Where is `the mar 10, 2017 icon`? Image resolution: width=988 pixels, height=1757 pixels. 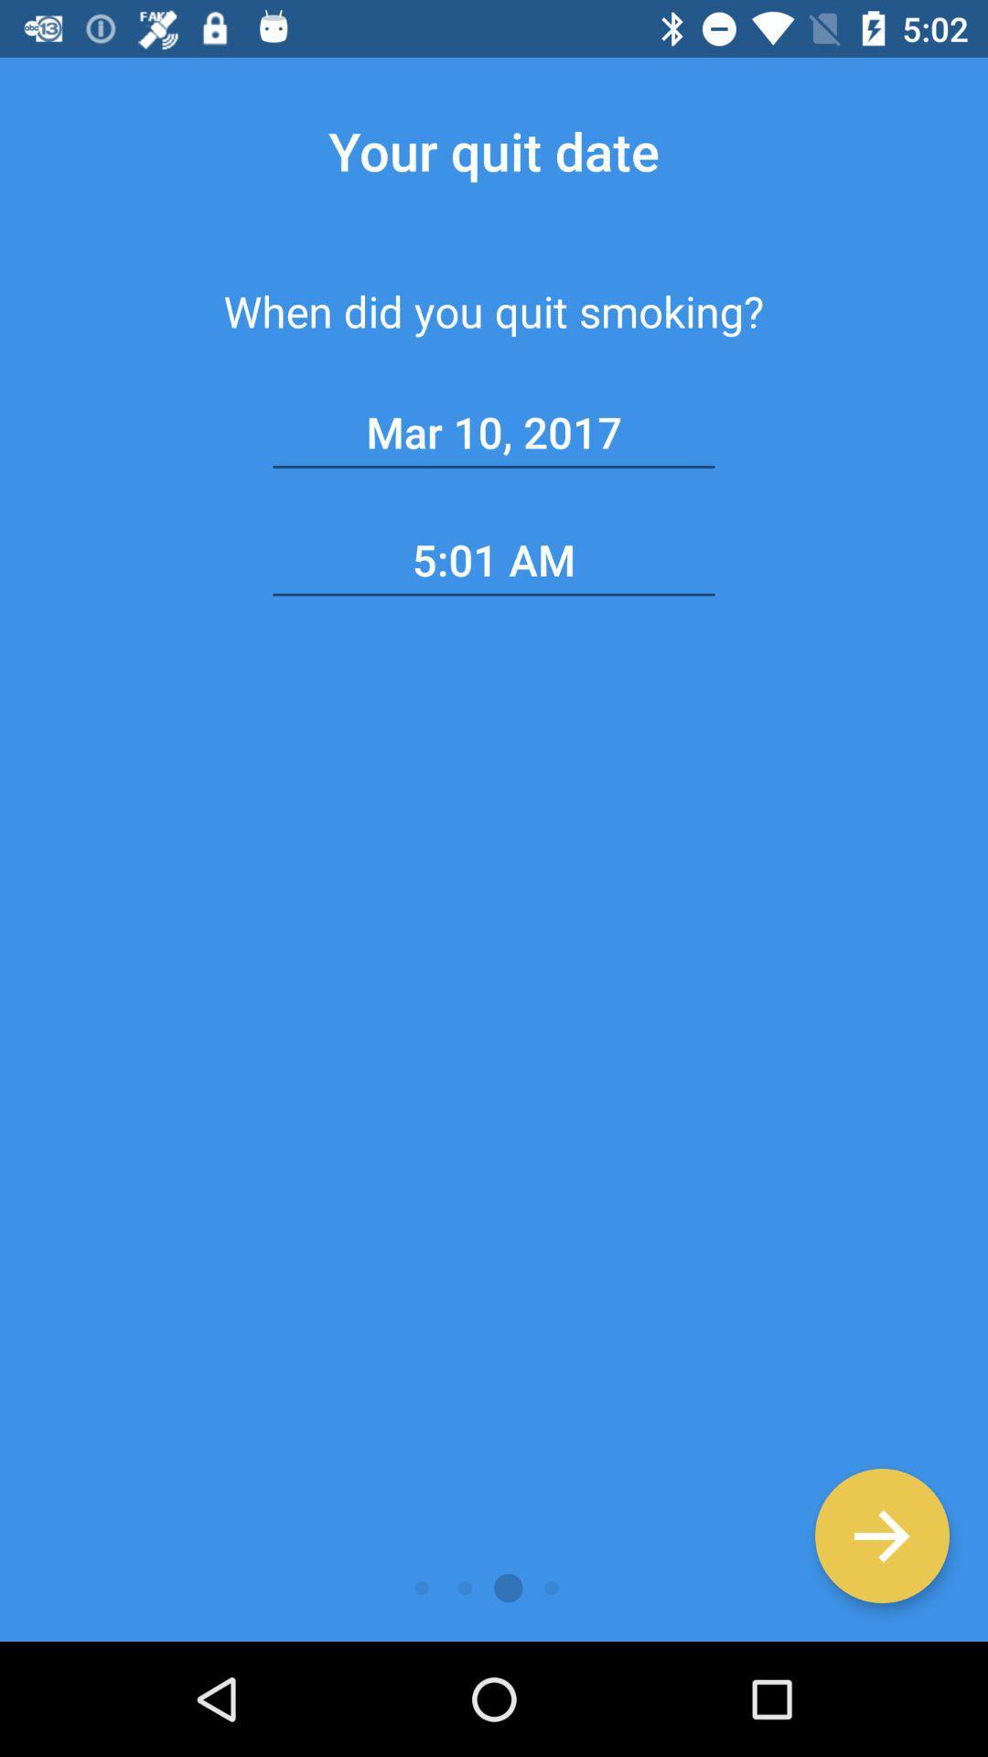 the mar 10, 2017 icon is located at coordinates (494, 432).